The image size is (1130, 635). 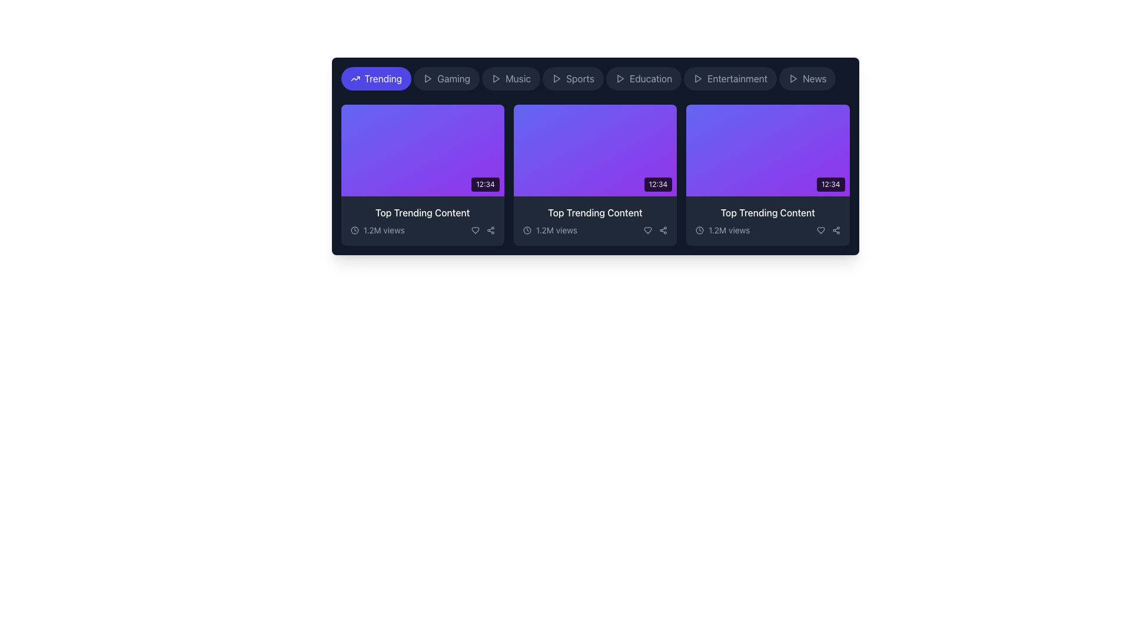 I want to click on text content of the 'Gaming' category label, which is the second button in a horizontal list of category buttons, located after 'Trending' and before 'Music', so click(x=453, y=79).